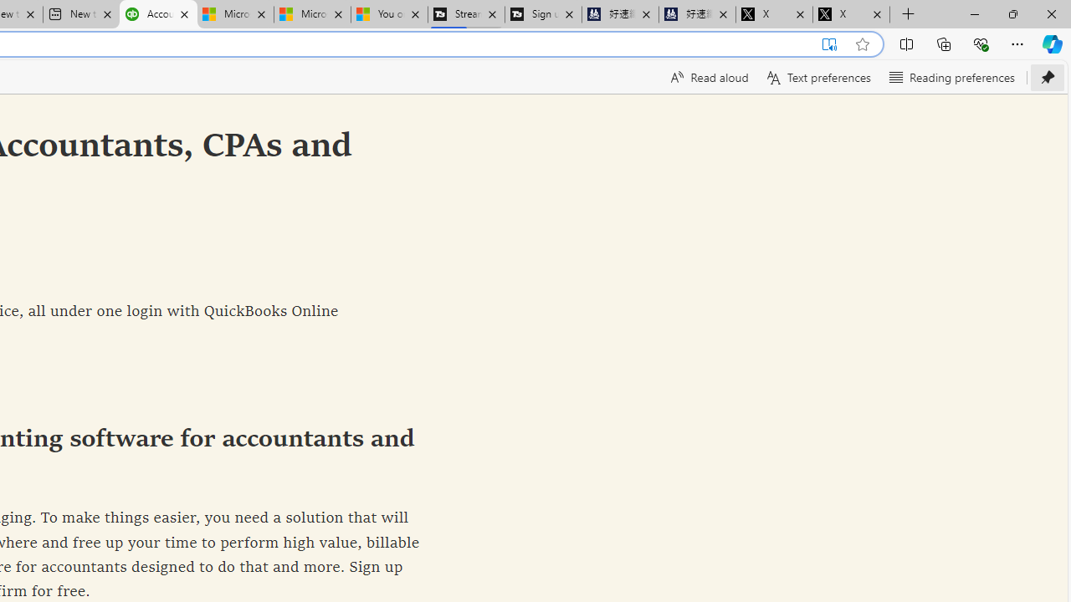 Image resolution: width=1071 pixels, height=602 pixels. I want to click on 'Accounting Software for Accountants, CPAs and Bookkeepers', so click(158, 14).